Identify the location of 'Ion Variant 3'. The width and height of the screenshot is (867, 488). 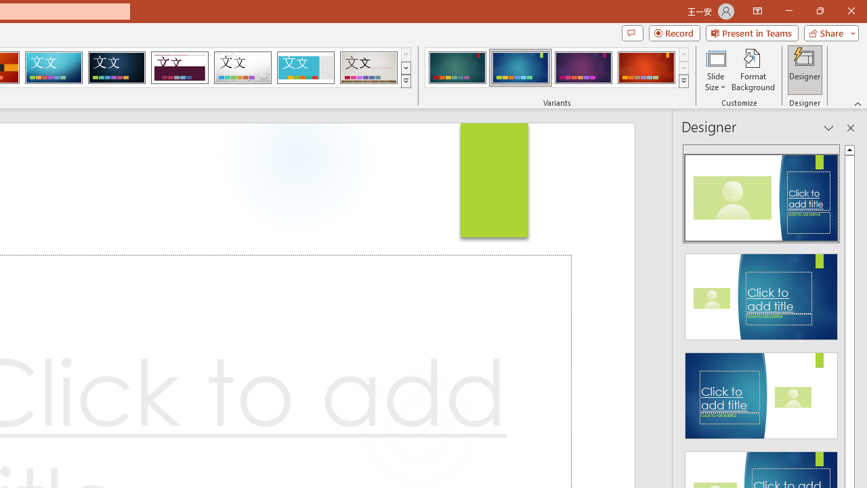
(583, 68).